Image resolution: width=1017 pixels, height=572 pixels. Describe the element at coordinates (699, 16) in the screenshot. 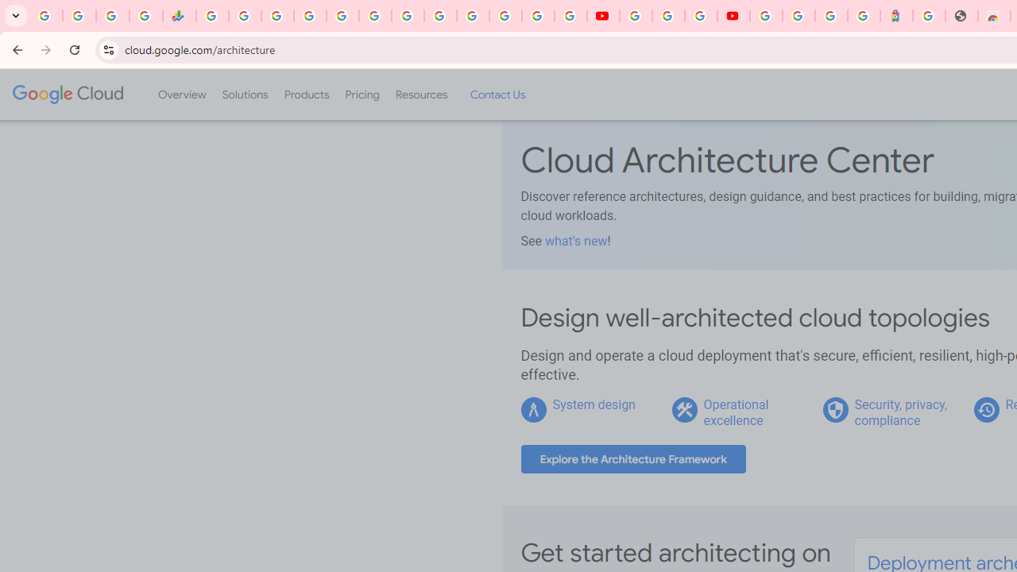

I see `'Create your Google Account'` at that location.